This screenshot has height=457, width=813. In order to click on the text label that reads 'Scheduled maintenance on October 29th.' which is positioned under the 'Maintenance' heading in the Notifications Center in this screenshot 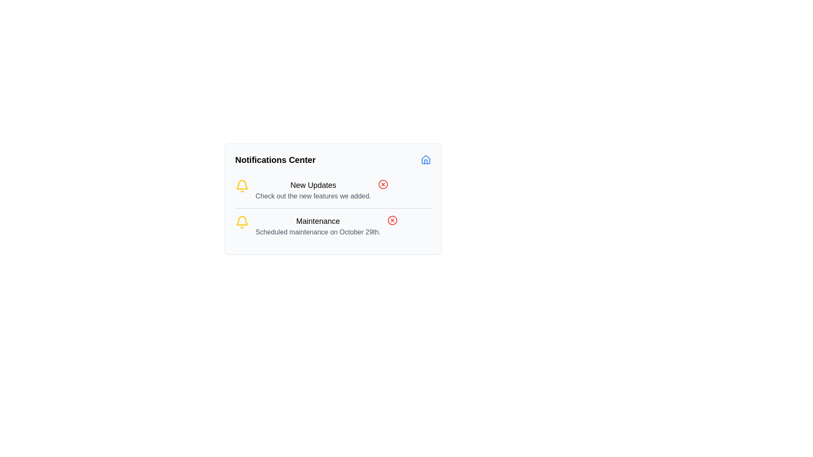, I will do `click(318, 232)`.